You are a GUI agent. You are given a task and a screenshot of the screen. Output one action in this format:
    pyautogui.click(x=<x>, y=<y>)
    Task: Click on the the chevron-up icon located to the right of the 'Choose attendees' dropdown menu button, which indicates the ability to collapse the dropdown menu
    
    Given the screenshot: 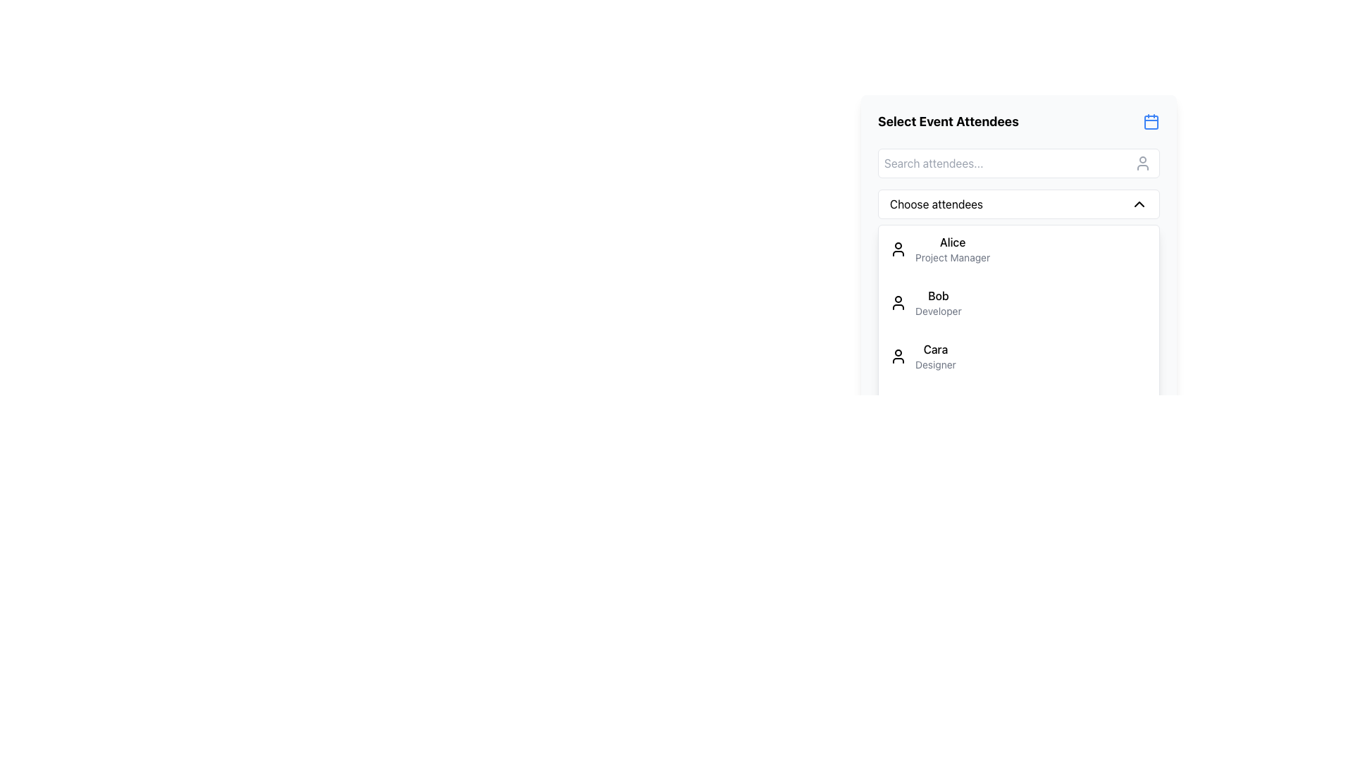 What is the action you would take?
    pyautogui.click(x=1139, y=204)
    